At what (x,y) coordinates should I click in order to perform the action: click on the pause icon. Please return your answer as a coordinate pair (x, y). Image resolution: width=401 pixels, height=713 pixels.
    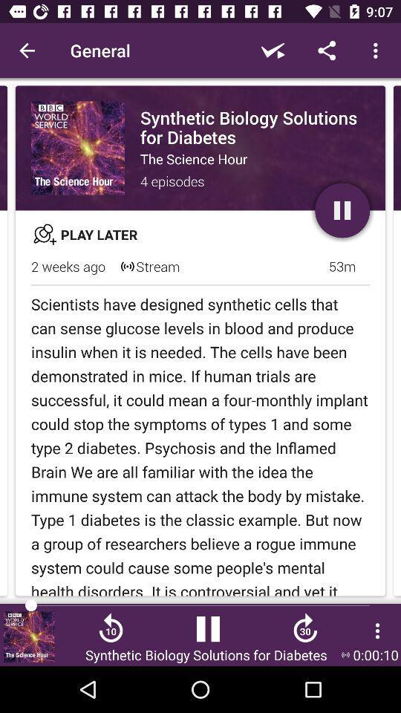
    Looking at the image, I should click on (207, 634).